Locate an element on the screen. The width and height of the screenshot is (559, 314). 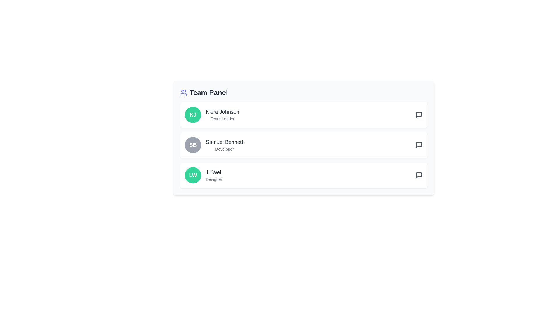
the Avatar placeholder representing user 'Samuel Bennett', located on the second row to the left of the text 'Samuel Bennett' and its subtext 'Developer' is located at coordinates (193, 144).